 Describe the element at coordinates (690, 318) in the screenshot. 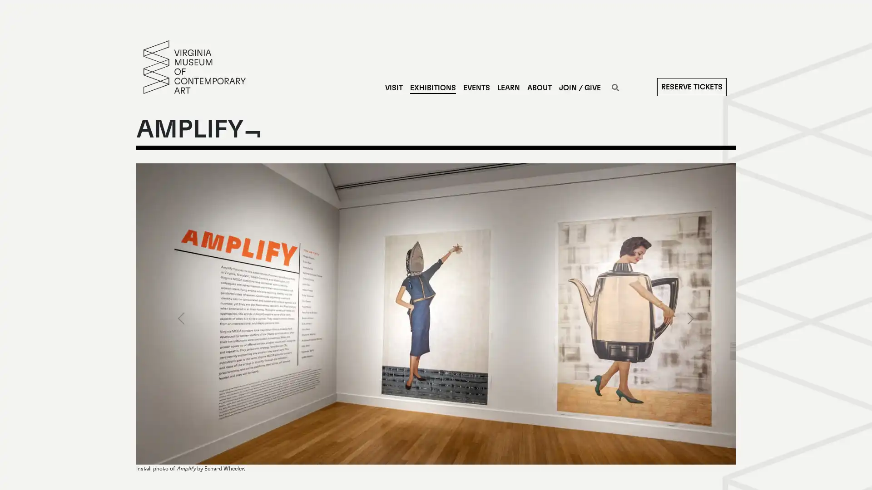

I see `Next` at that location.